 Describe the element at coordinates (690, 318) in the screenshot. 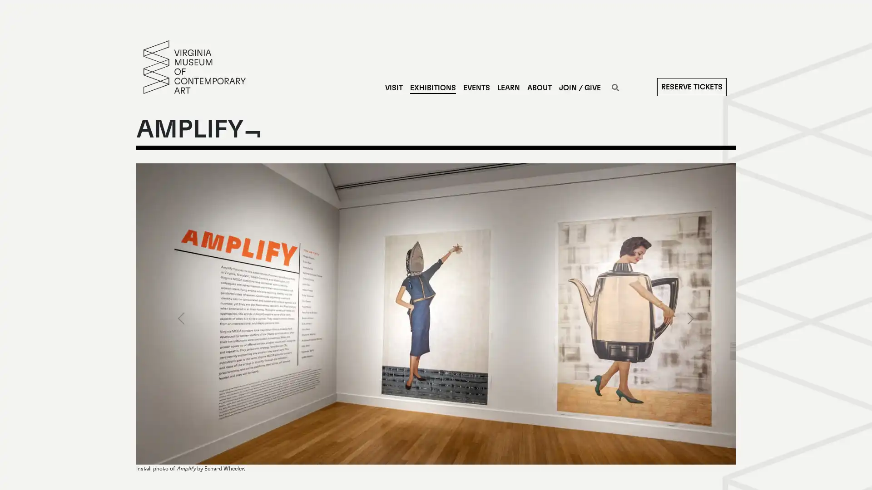

I see `Next` at that location.